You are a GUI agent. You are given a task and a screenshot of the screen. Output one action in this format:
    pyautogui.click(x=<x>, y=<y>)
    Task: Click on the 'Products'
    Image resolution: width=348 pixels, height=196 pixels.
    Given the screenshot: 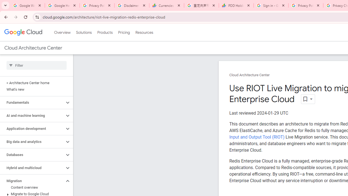 What is the action you would take?
    pyautogui.click(x=105, y=32)
    